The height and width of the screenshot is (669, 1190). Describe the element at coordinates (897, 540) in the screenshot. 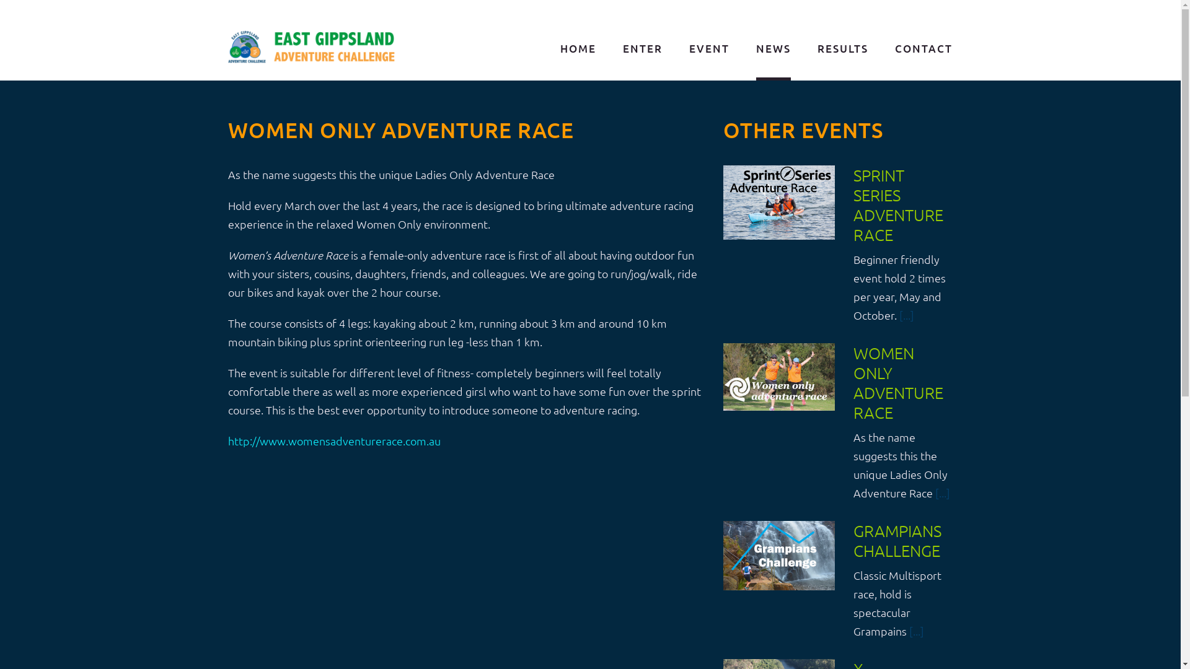

I see `'GRAMPIANS CHALLENGE'` at that location.